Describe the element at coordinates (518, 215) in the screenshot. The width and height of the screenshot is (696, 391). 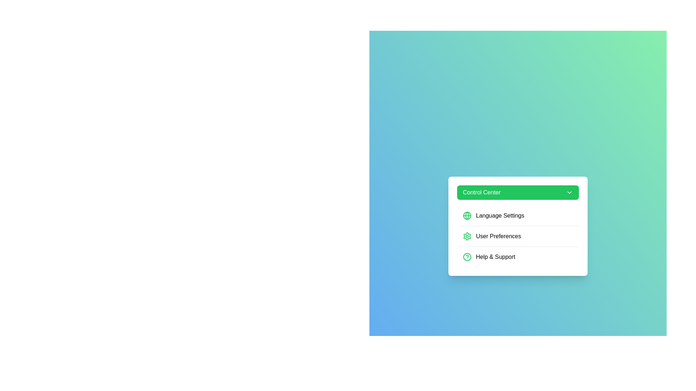
I see `the 'Language Settings' option in the menu` at that location.